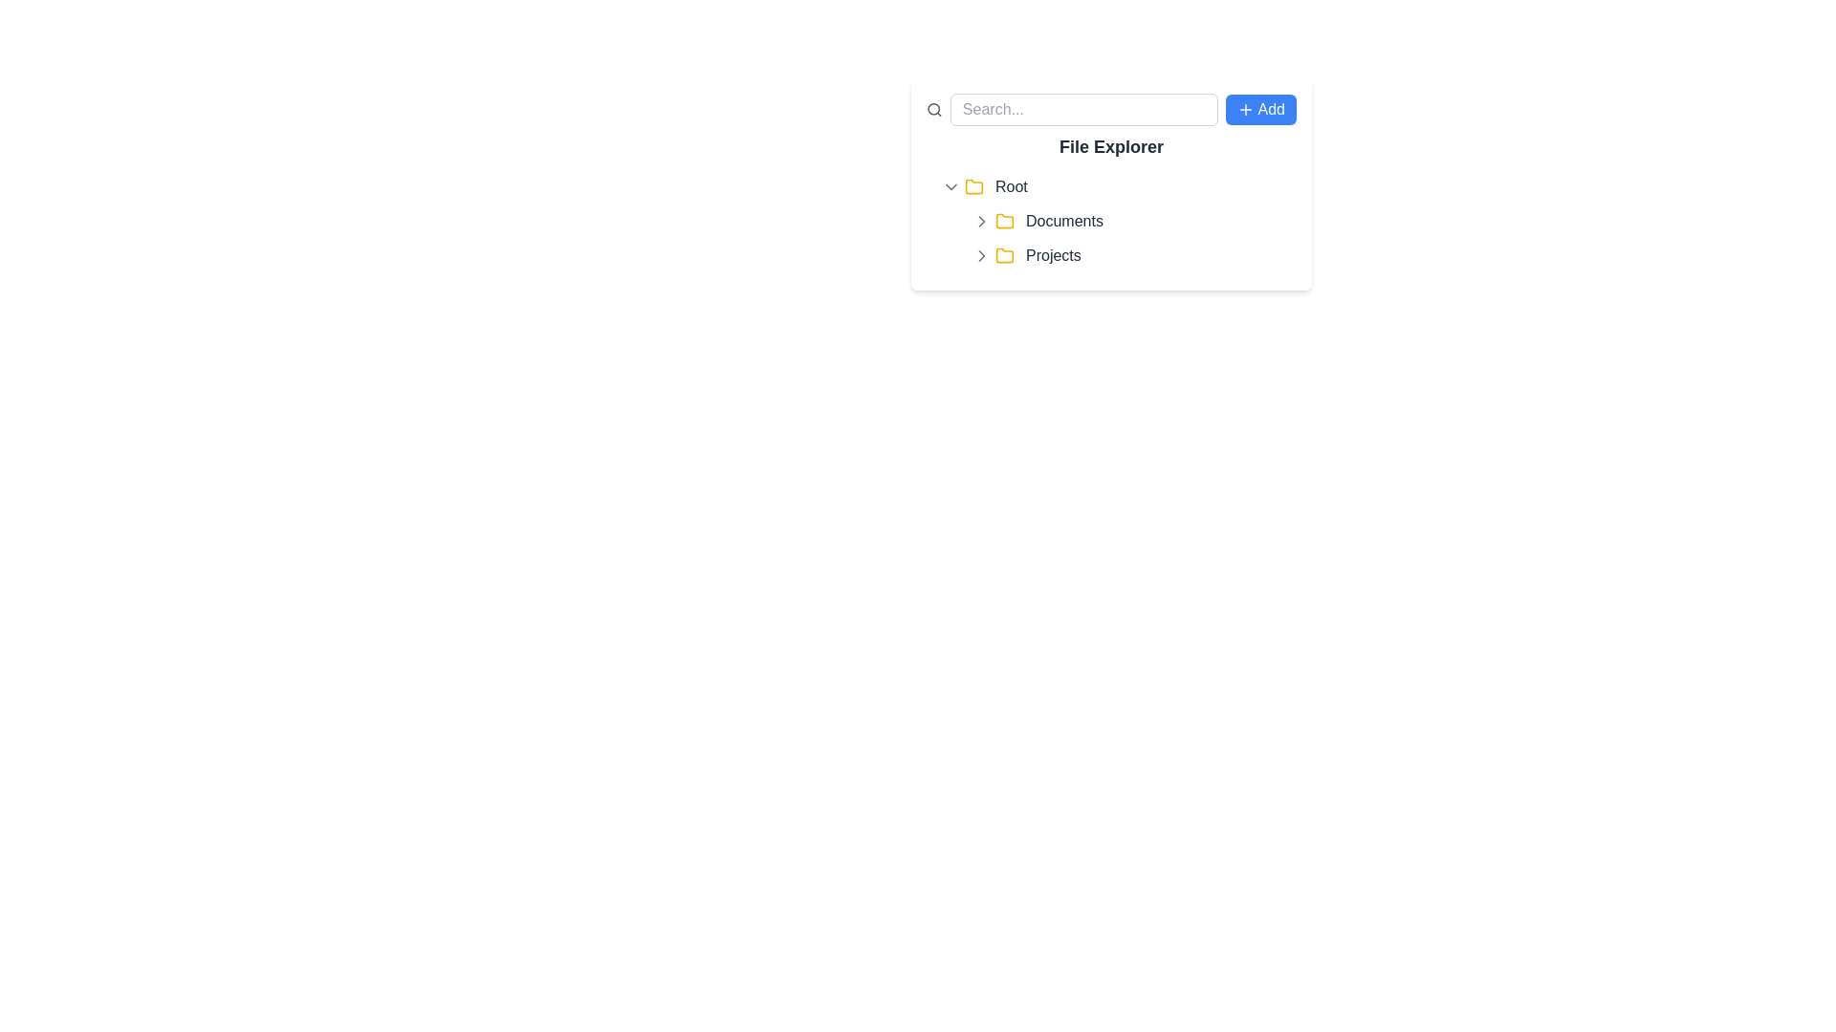 The width and height of the screenshot is (1836, 1032). Describe the element at coordinates (1004, 253) in the screenshot. I see `the yellow folder icon representing the 'Projects' folder node` at that location.